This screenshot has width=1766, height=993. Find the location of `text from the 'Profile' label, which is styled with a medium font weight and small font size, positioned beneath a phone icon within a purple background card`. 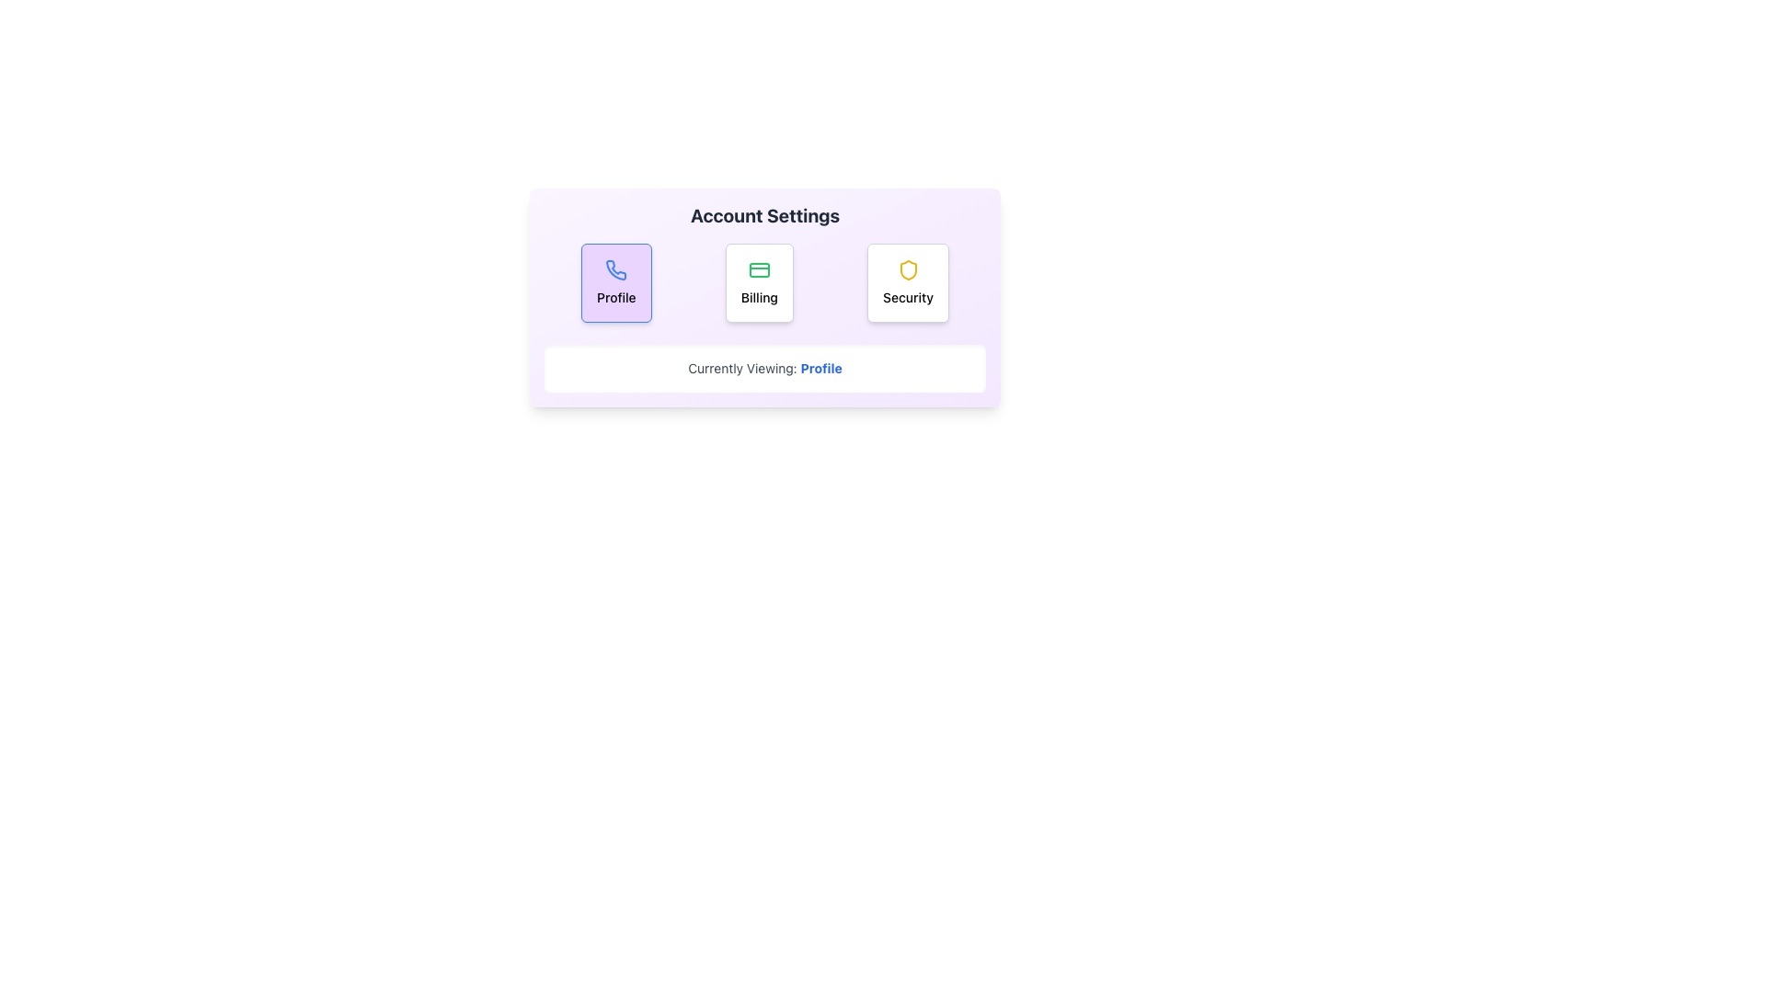

text from the 'Profile' label, which is styled with a medium font weight and small font size, positioned beneath a phone icon within a purple background card is located at coordinates (616, 297).